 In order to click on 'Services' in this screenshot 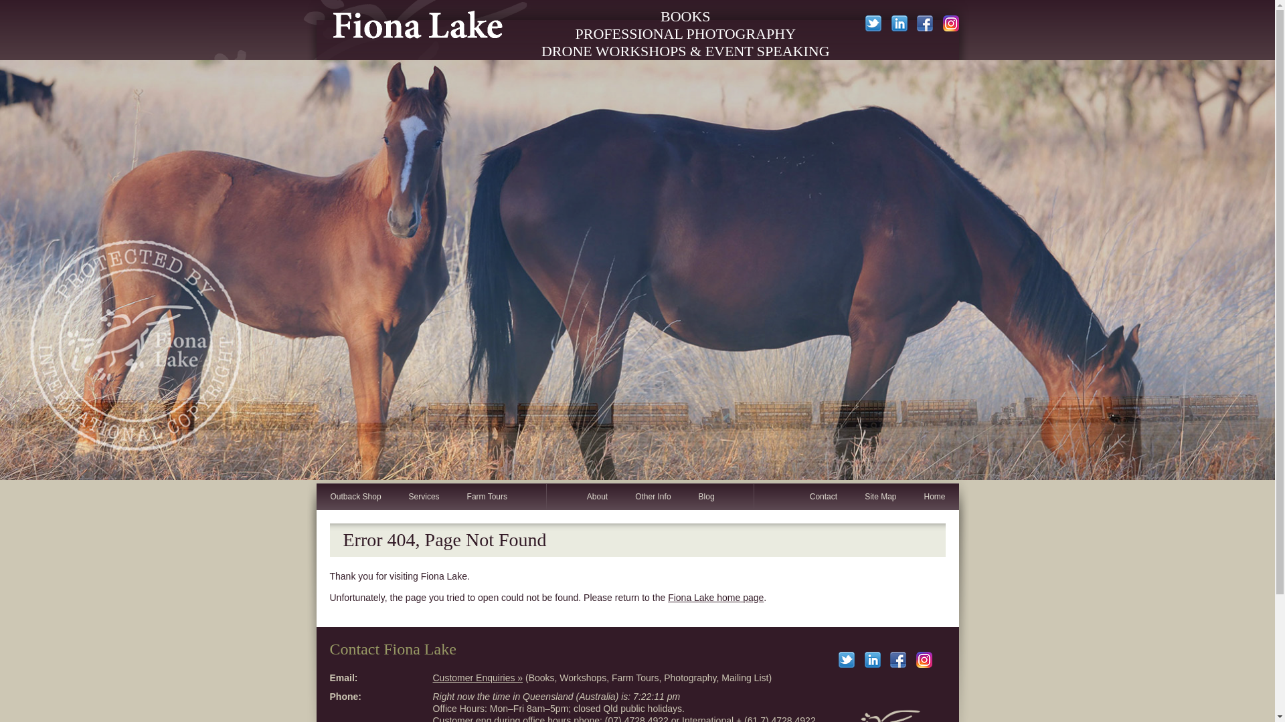, I will do `click(423, 497)`.